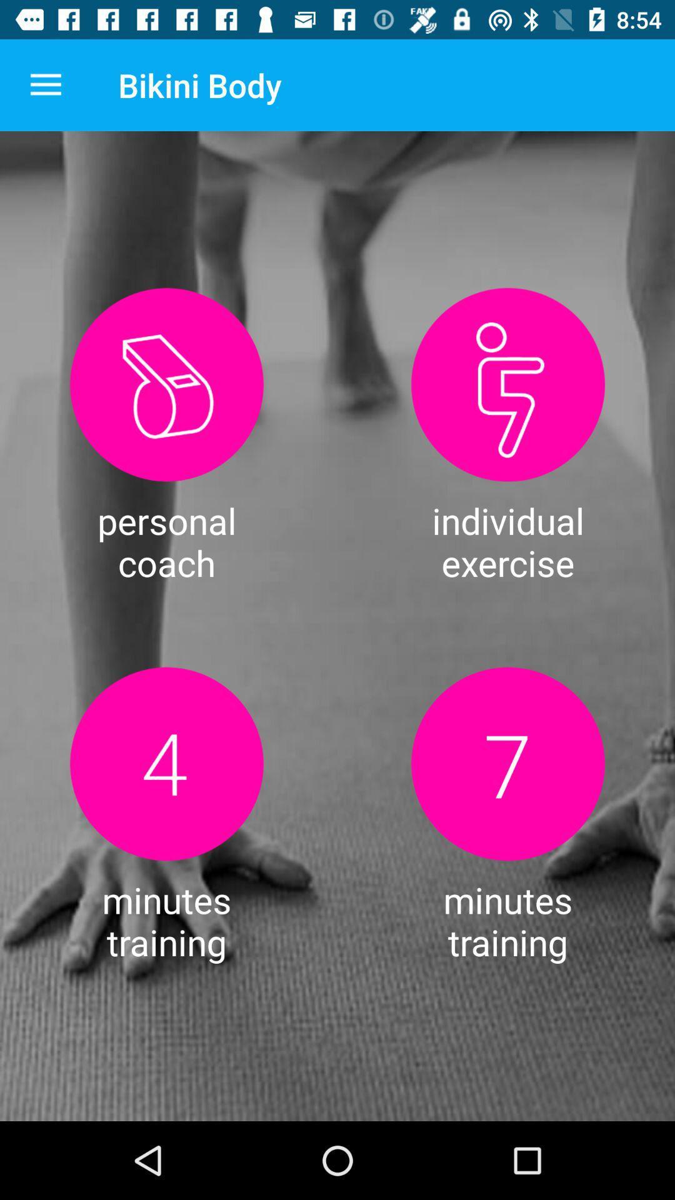 The width and height of the screenshot is (675, 1200). I want to click on adjust minutes training, so click(166, 763).